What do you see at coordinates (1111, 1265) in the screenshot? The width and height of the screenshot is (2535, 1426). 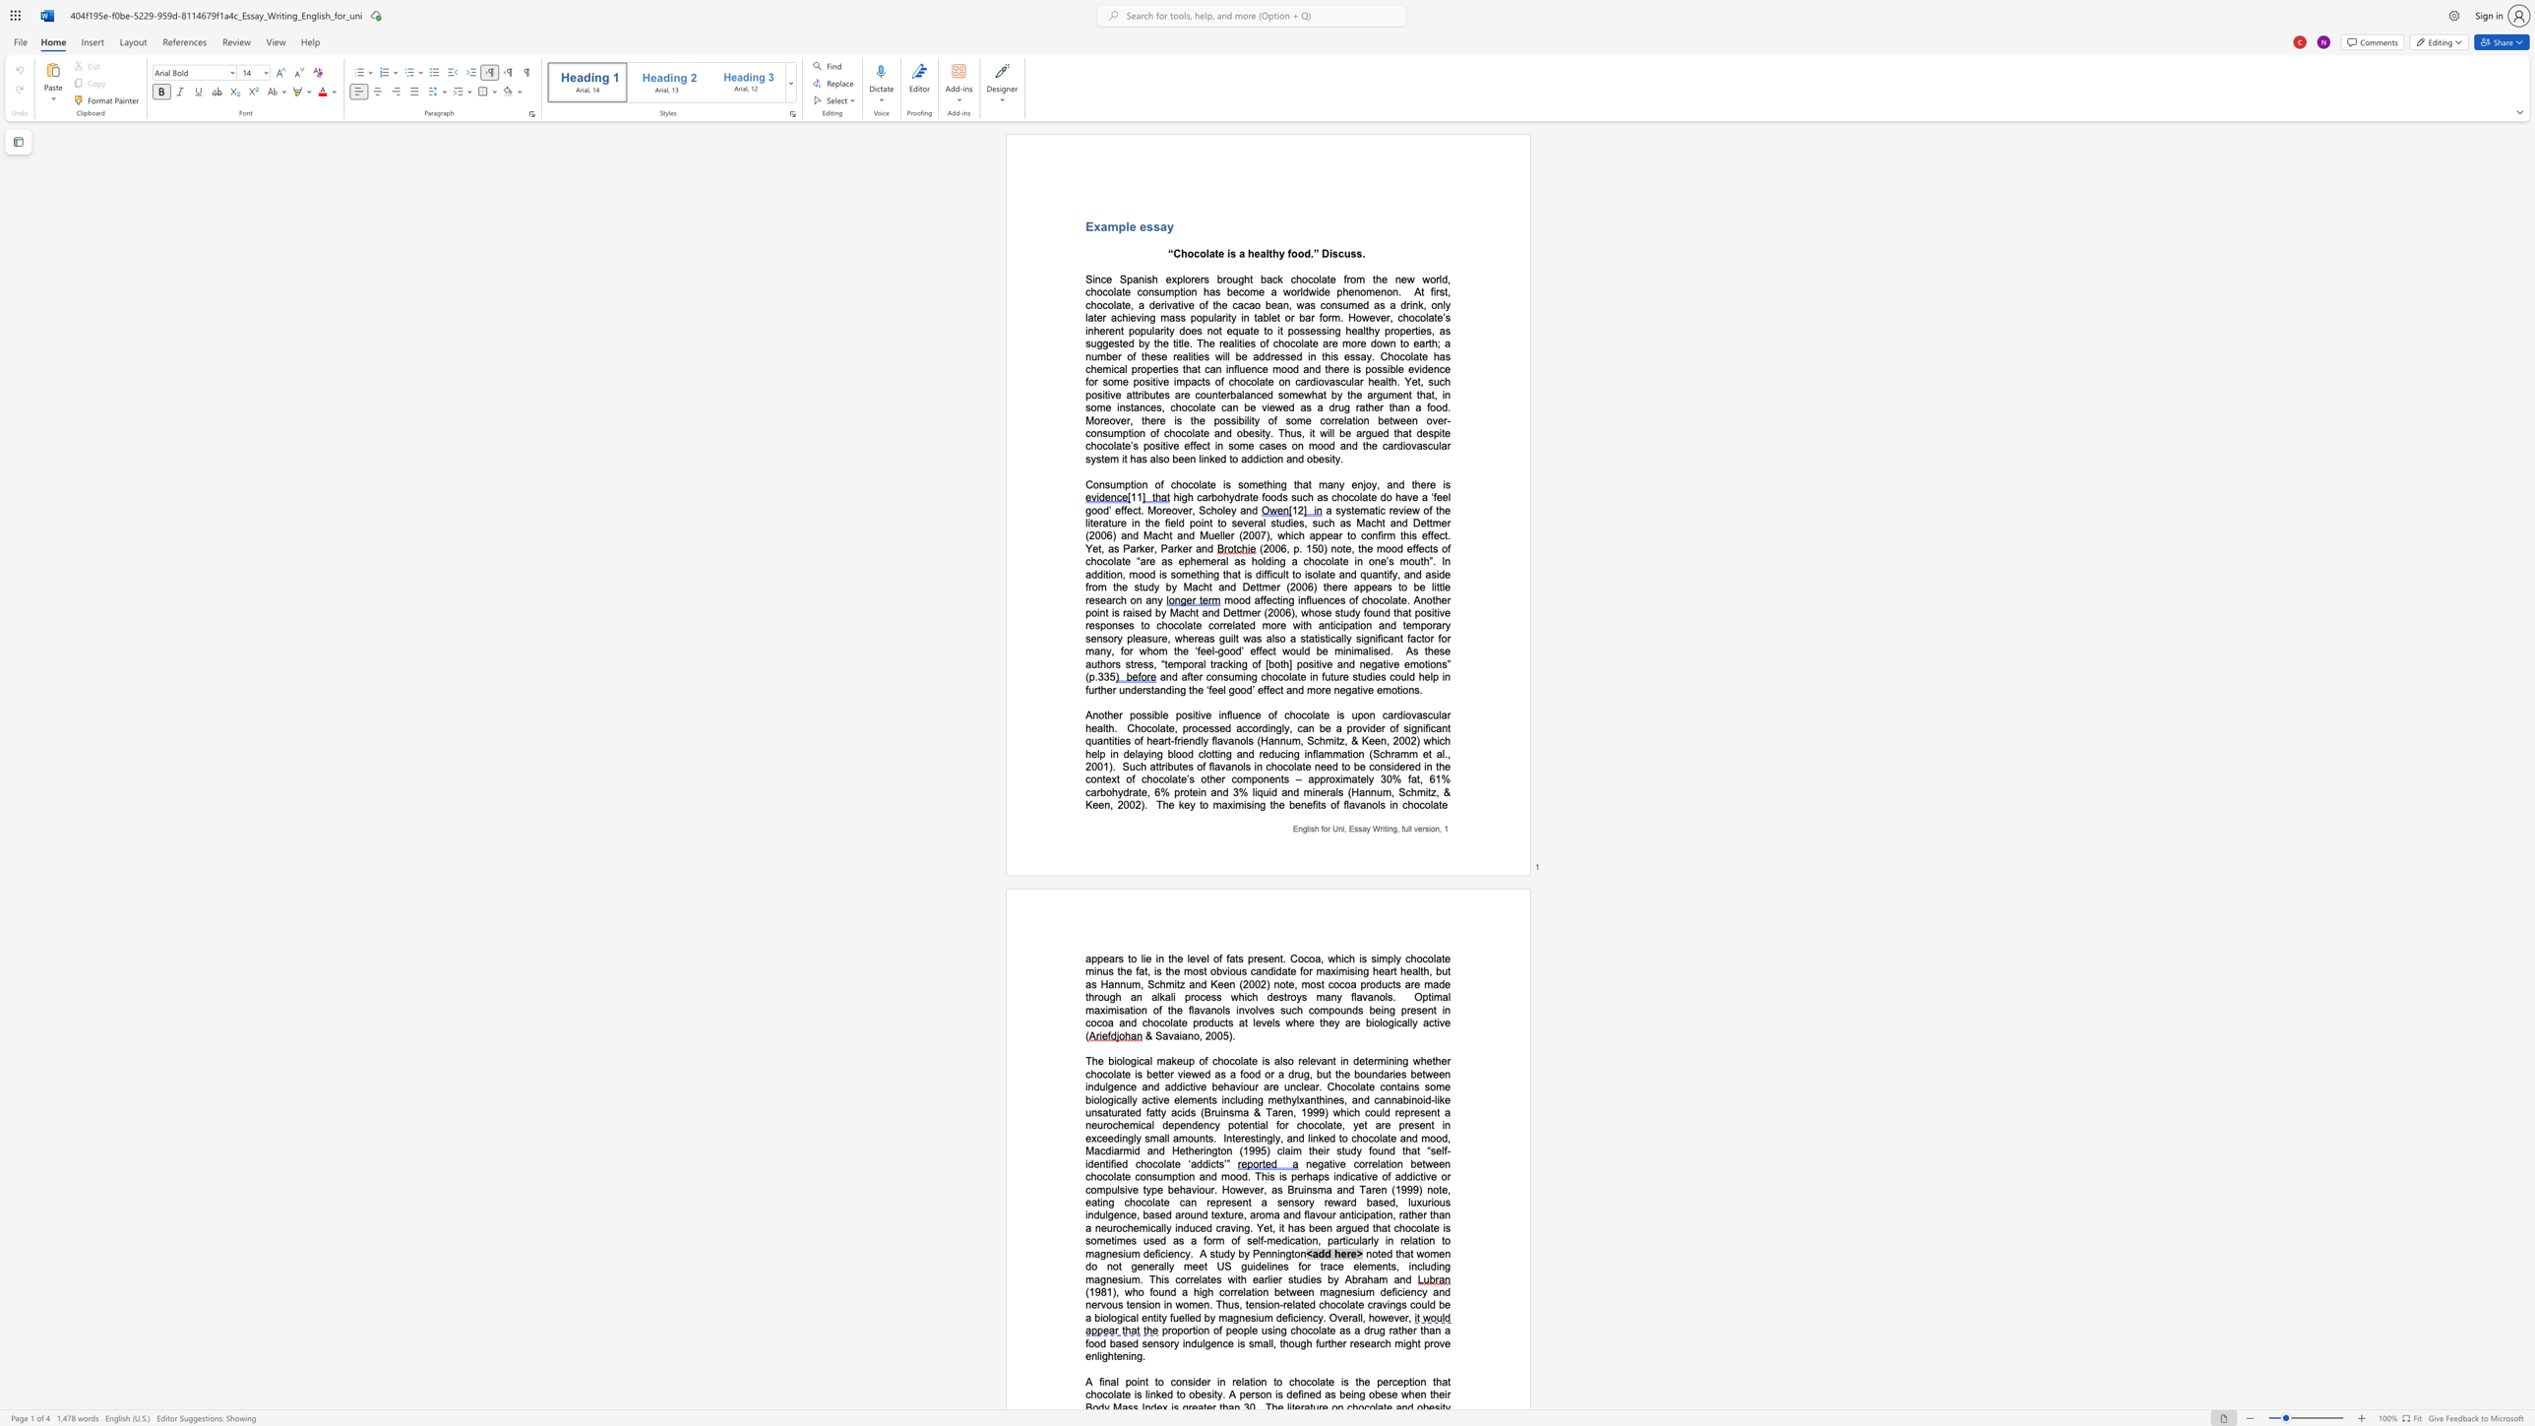 I see `the subset text "ot" within the text "noted that women do not"` at bounding box center [1111, 1265].